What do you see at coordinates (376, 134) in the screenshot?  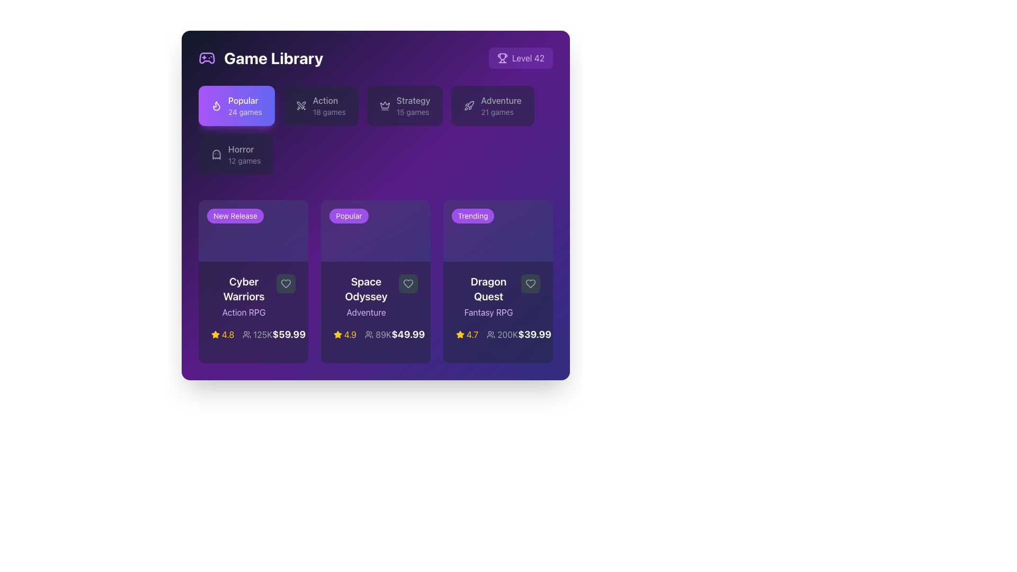 I see `the Horizontal Navigation Bar` at bounding box center [376, 134].